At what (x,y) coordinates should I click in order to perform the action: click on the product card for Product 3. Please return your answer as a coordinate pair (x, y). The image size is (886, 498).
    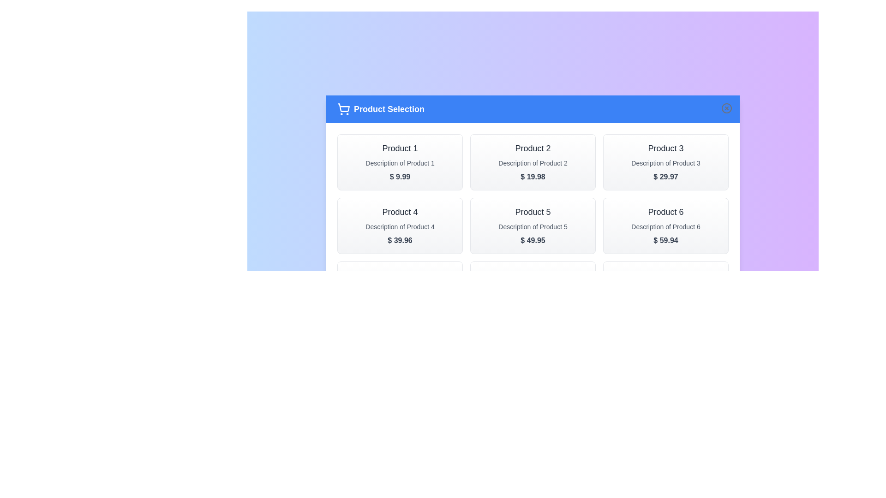
    Looking at the image, I should click on (666, 161).